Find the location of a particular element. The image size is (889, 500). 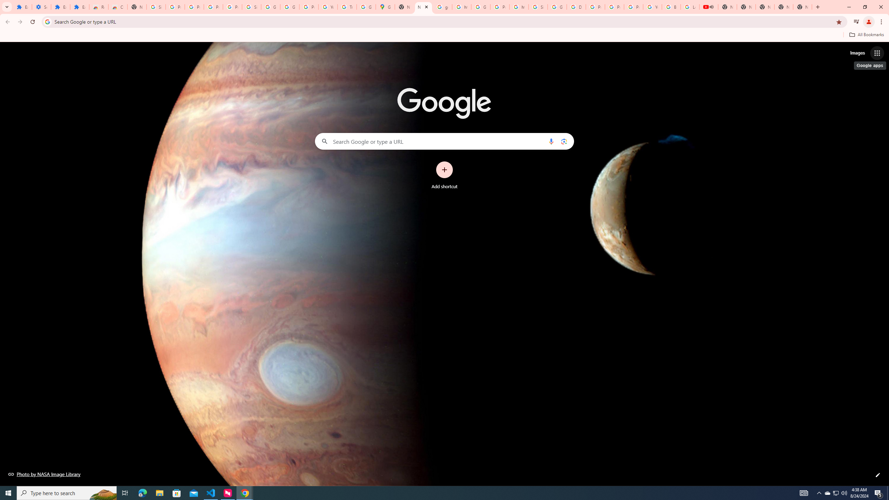

'Customize this page' is located at coordinates (878, 475).